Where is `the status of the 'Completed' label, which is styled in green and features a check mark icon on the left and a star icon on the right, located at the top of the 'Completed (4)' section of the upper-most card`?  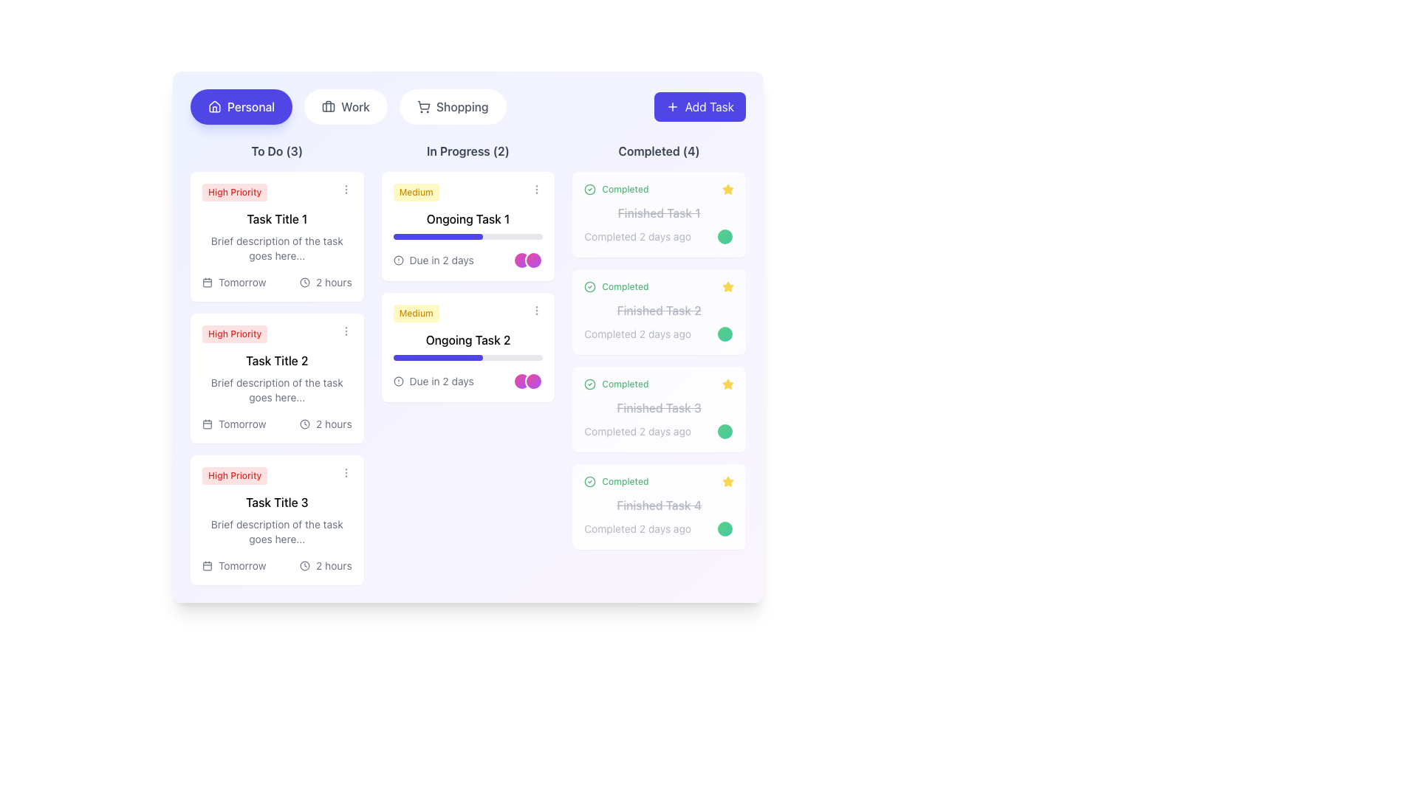
the status of the 'Completed' label, which is styled in green and features a check mark icon on the left and a star icon on the right, located at the top of the 'Completed (4)' section of the upper-most card is located at coordinates (658, 189).